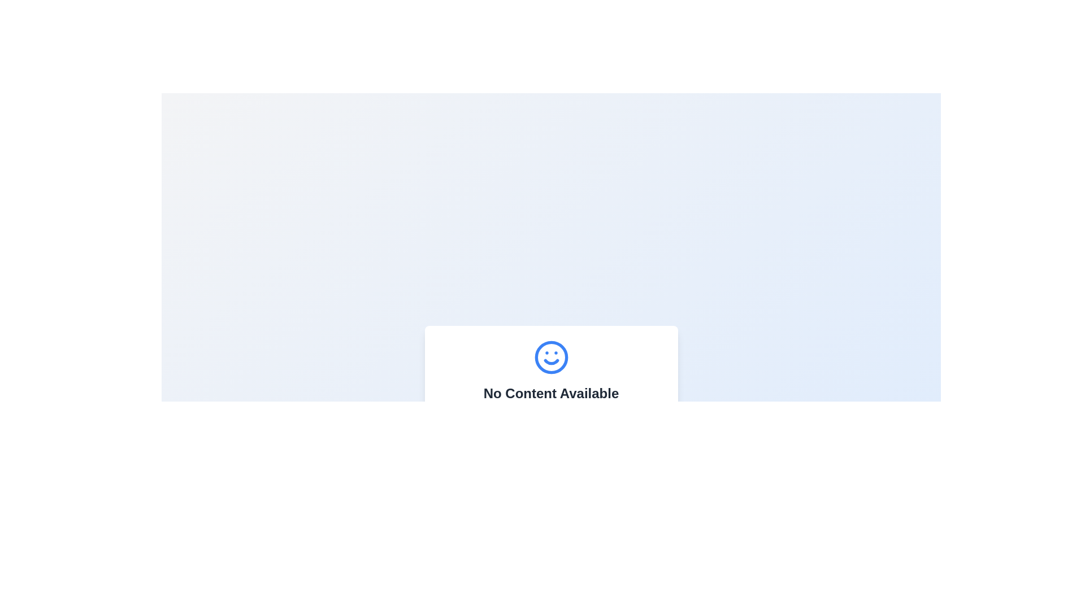 This screenshot has height=610, width=1085. What do you see at coordinates (551, 361) in the screenshot?
I see `the arc-shaped graphical component of the smiley face icon, which features a blue outline and is located at the bottom-center part of the interface, below the eyes` at bounding box center [551, 361].